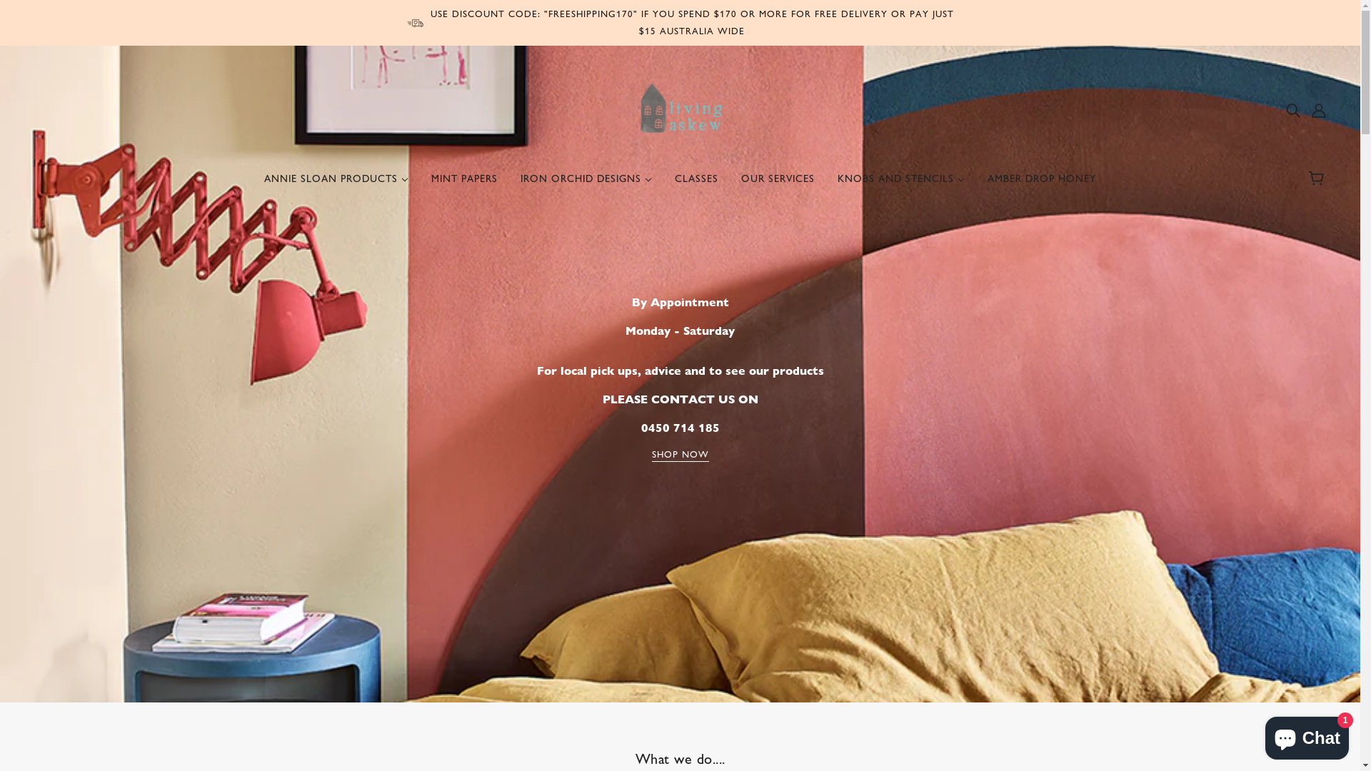 The width and height of the screenshot is (1371, 771). I want to click on 'ANNIE SLOAN PRODUCTS', so click(335, 183).